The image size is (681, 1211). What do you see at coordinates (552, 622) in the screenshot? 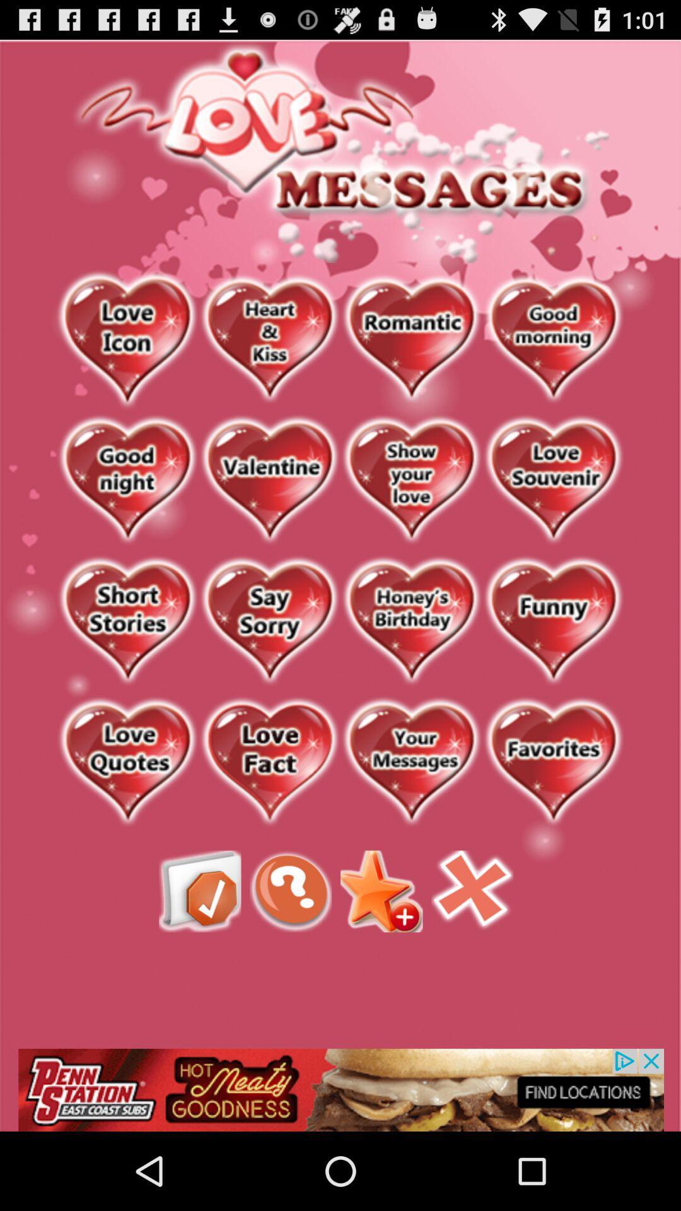
I see `see funny messages` at bounding box center [552, 622].